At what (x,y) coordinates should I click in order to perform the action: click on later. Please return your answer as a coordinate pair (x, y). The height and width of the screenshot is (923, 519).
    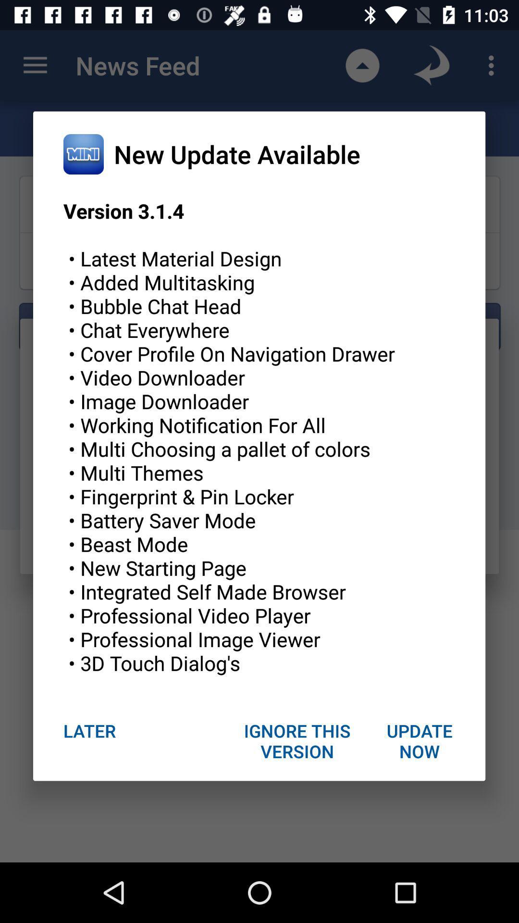
    Looking at the image, I should click on (89, 731).